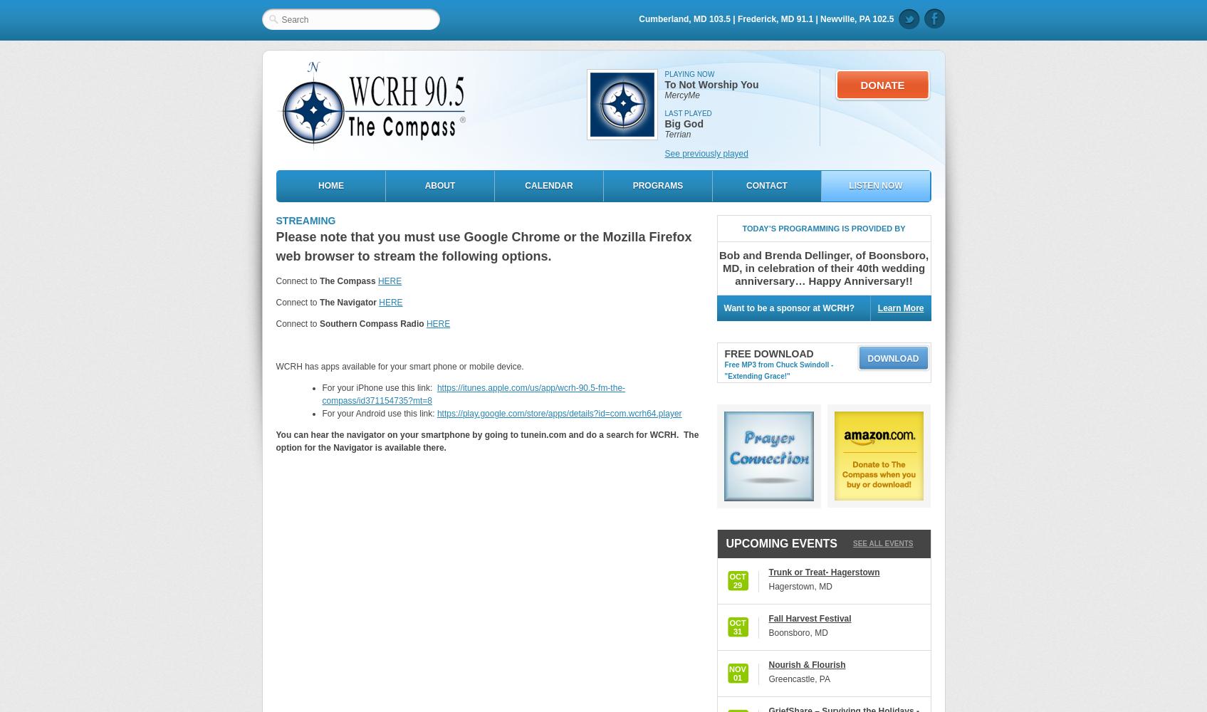 This screenshot has height=712, width=1207. Describe the element at coordinates (439, 186) in the screenshot. I see `'About'` at that location.